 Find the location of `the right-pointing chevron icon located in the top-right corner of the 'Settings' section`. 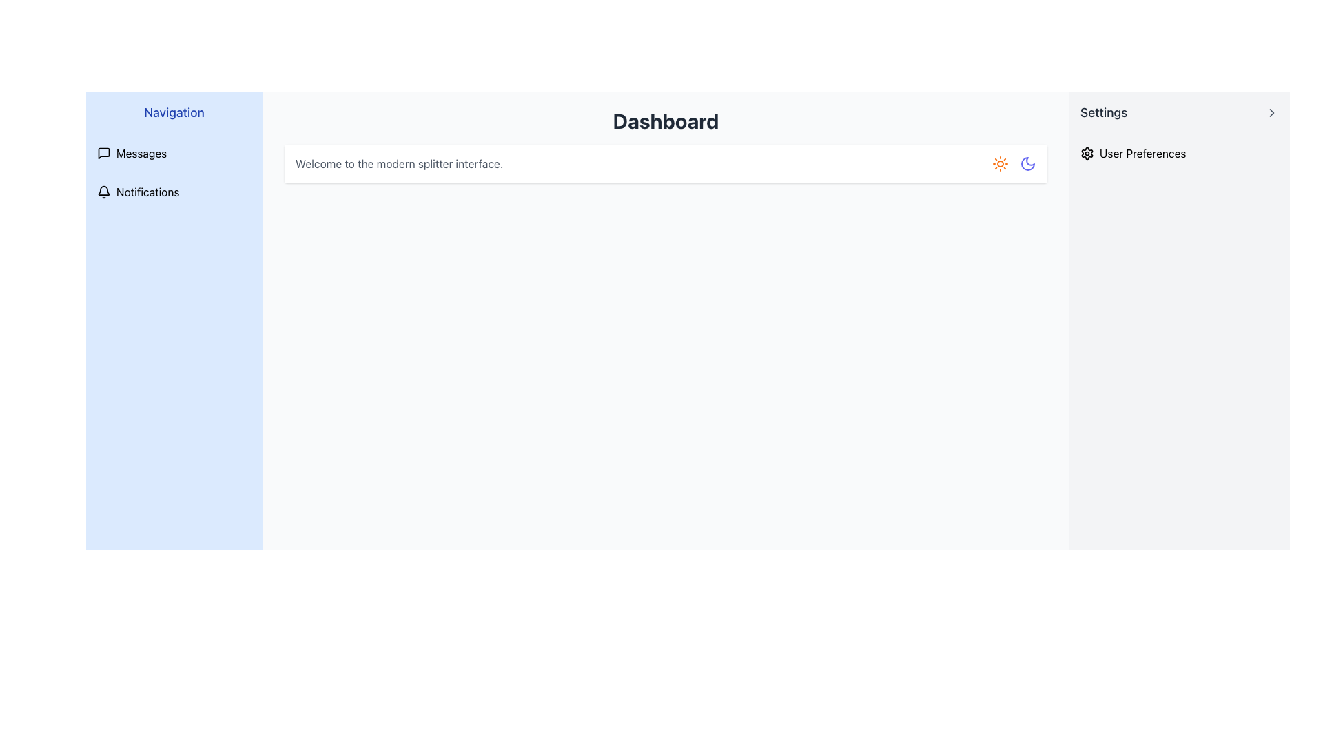

the right-pointing chevron icon located in the top-right corner of the 'Settings' section is located at coordinates (1271, 112).